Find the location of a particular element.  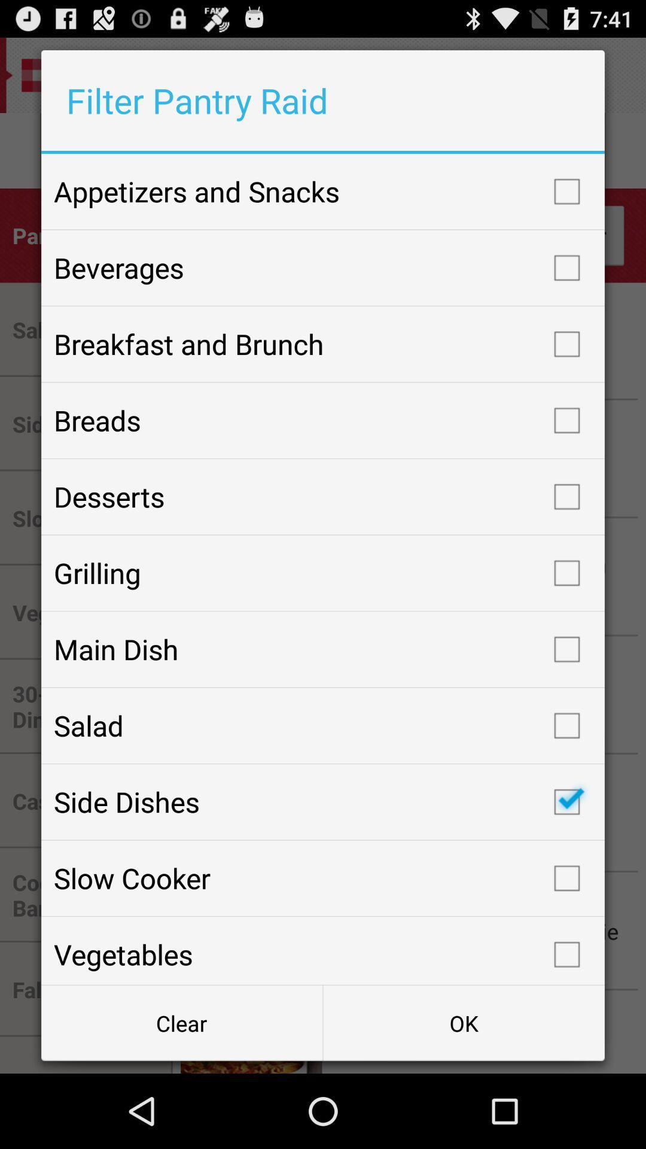

breads icon is located at coordinates (323, 420).